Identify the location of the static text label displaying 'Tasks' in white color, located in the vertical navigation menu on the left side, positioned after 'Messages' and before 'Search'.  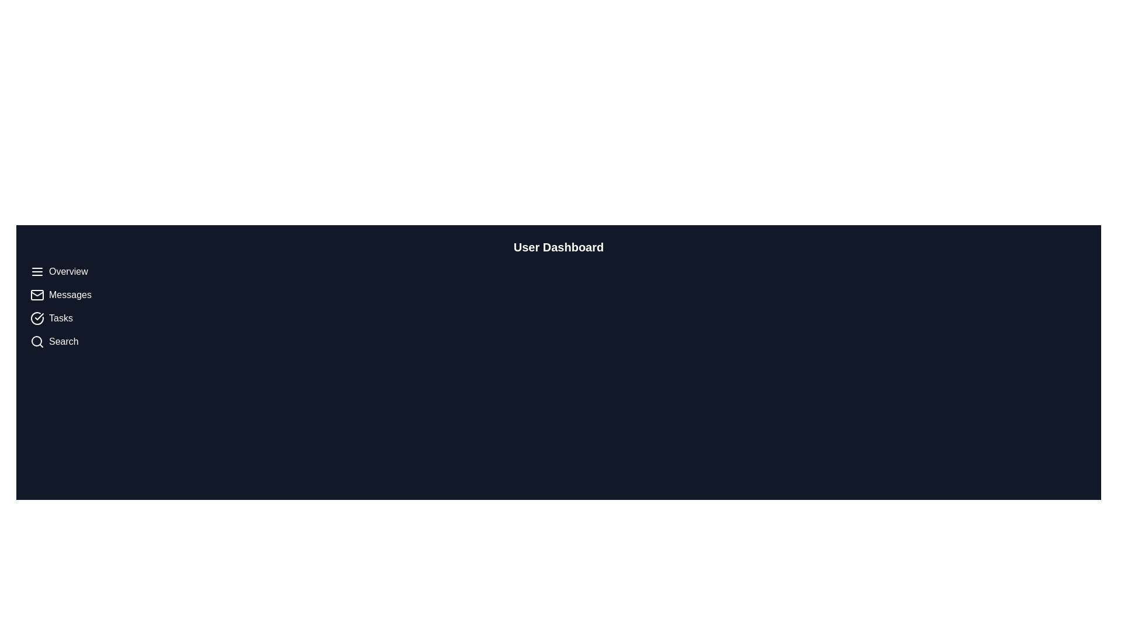
(60, 318).